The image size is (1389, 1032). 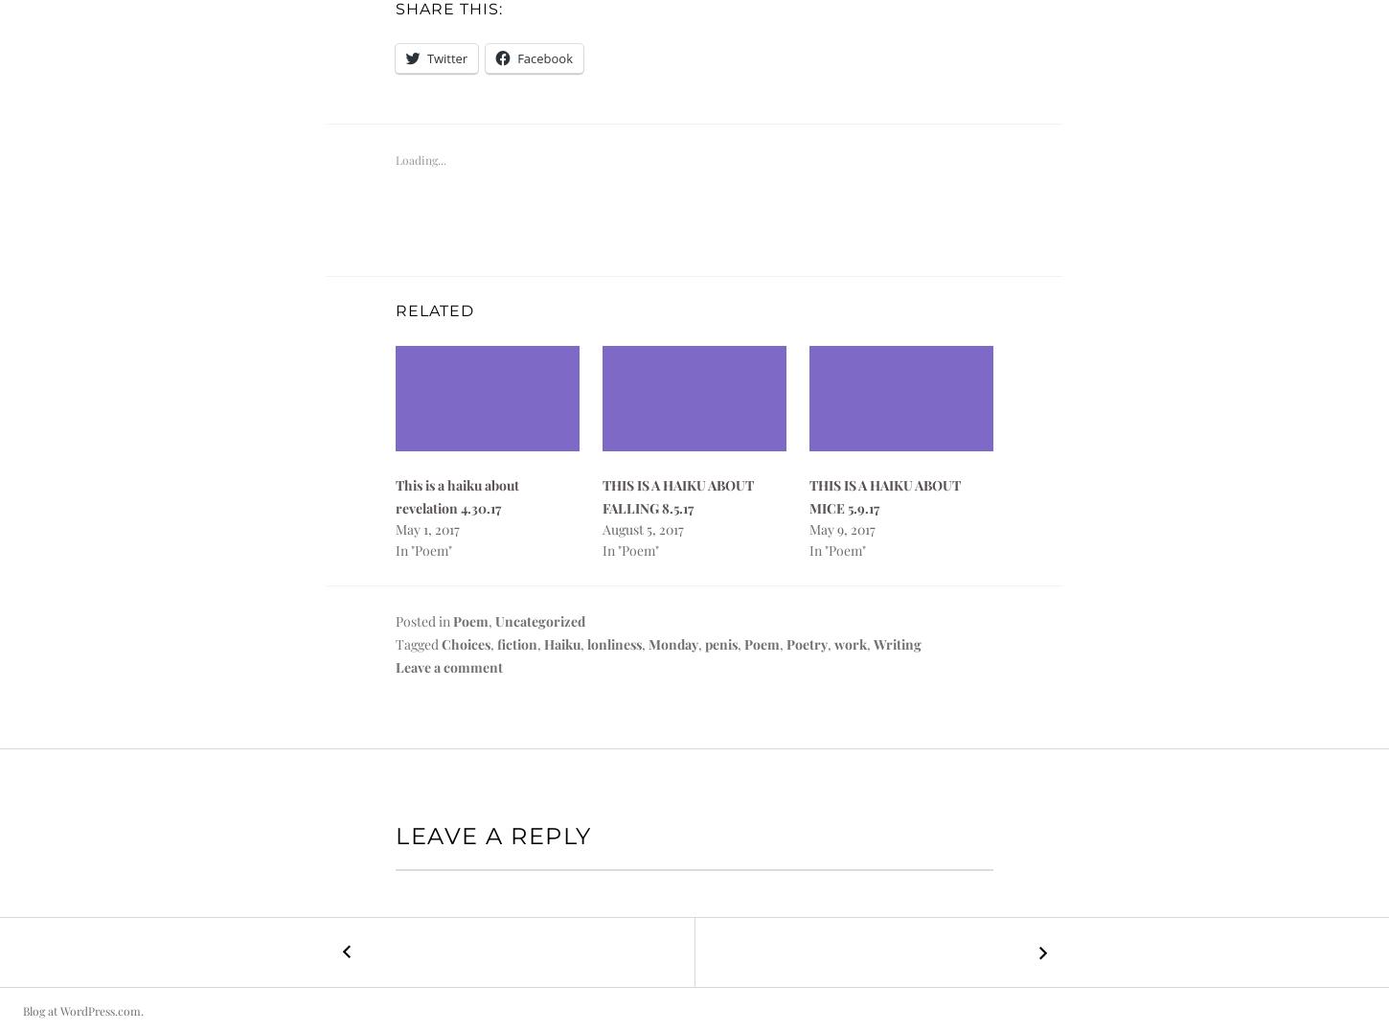 I want to click on 'Uncategorized', so click(x=540, y=620).